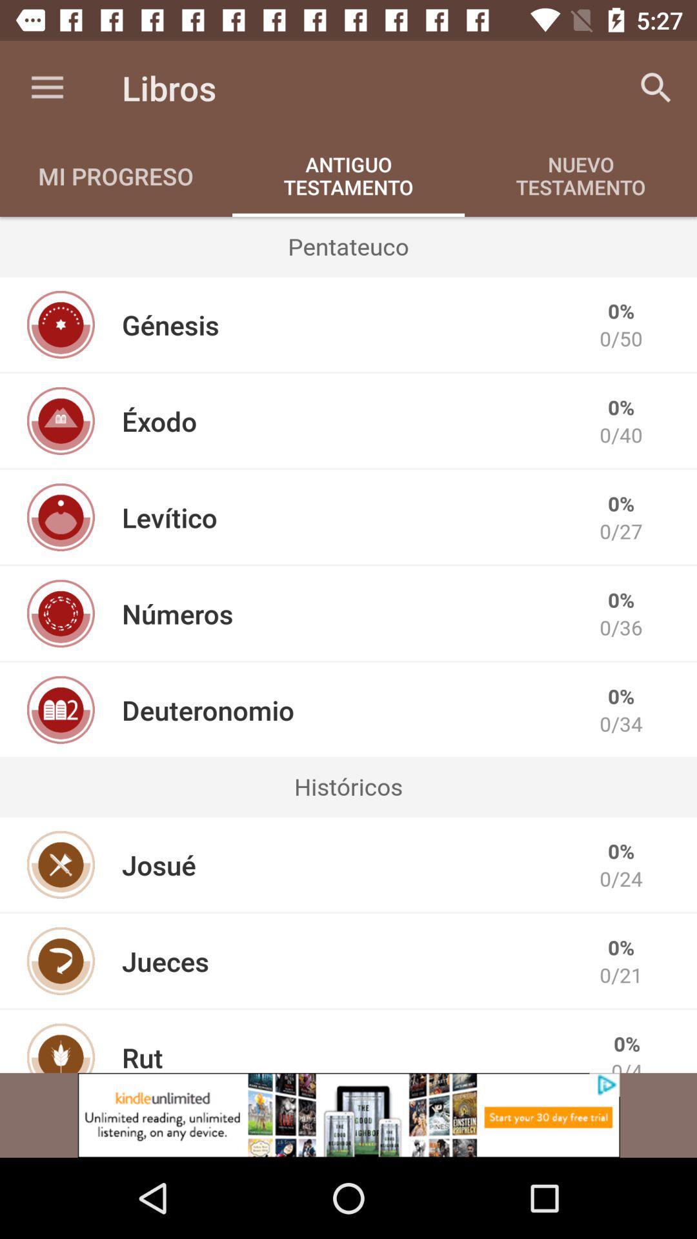  What do you see at coordinates (142, 1056) in the screenshot?
I see `icon to the left of the 0/4 icon` at bounding box center [142, 1056].